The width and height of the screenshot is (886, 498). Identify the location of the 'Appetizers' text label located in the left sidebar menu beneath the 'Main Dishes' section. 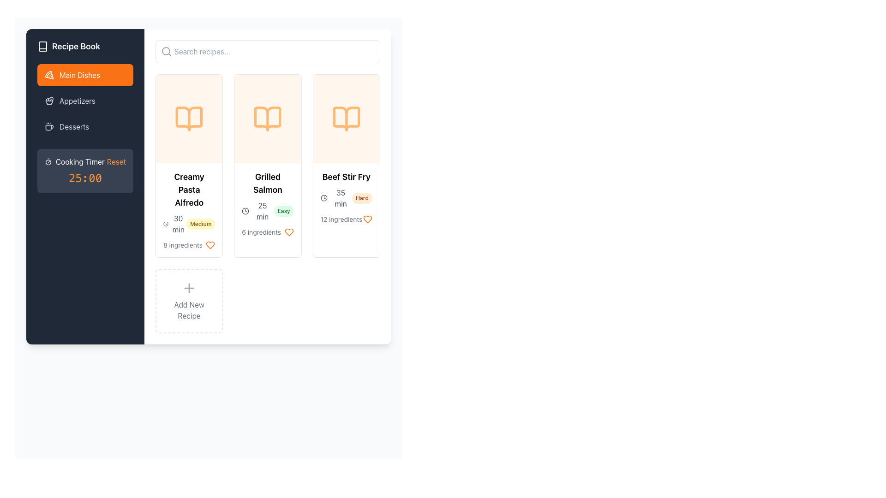
(78, 101).